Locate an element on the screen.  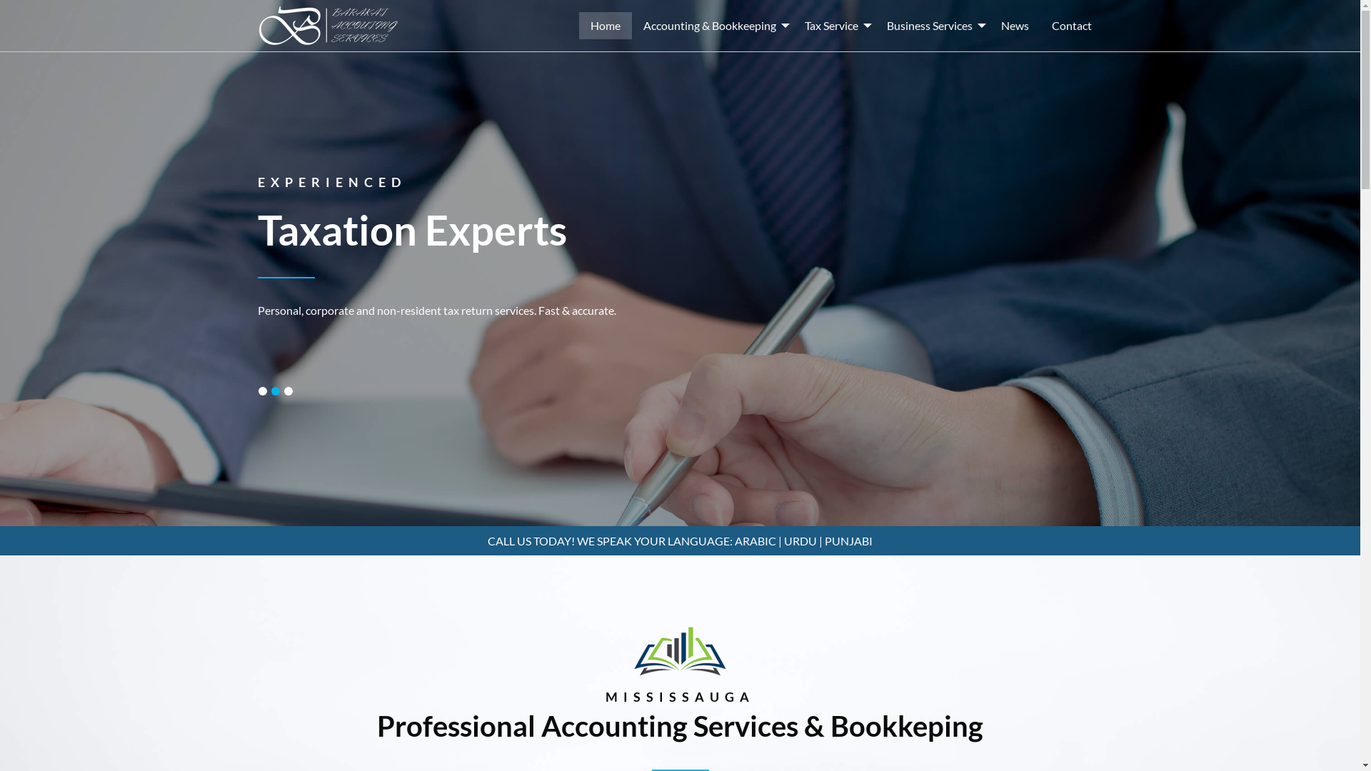
'First slide details.' is located at coordinates (263, 390).